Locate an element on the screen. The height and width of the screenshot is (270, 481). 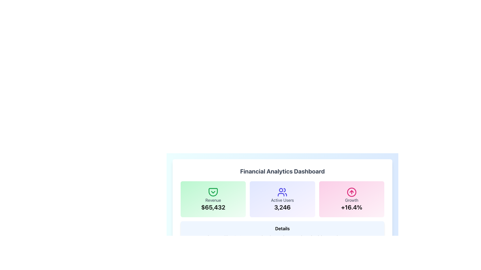
the Card element displaying the number of active users in the Financial Analytics Dashboard, centrally aligned within the three-column grid layout is located at coordinates (282, 199).